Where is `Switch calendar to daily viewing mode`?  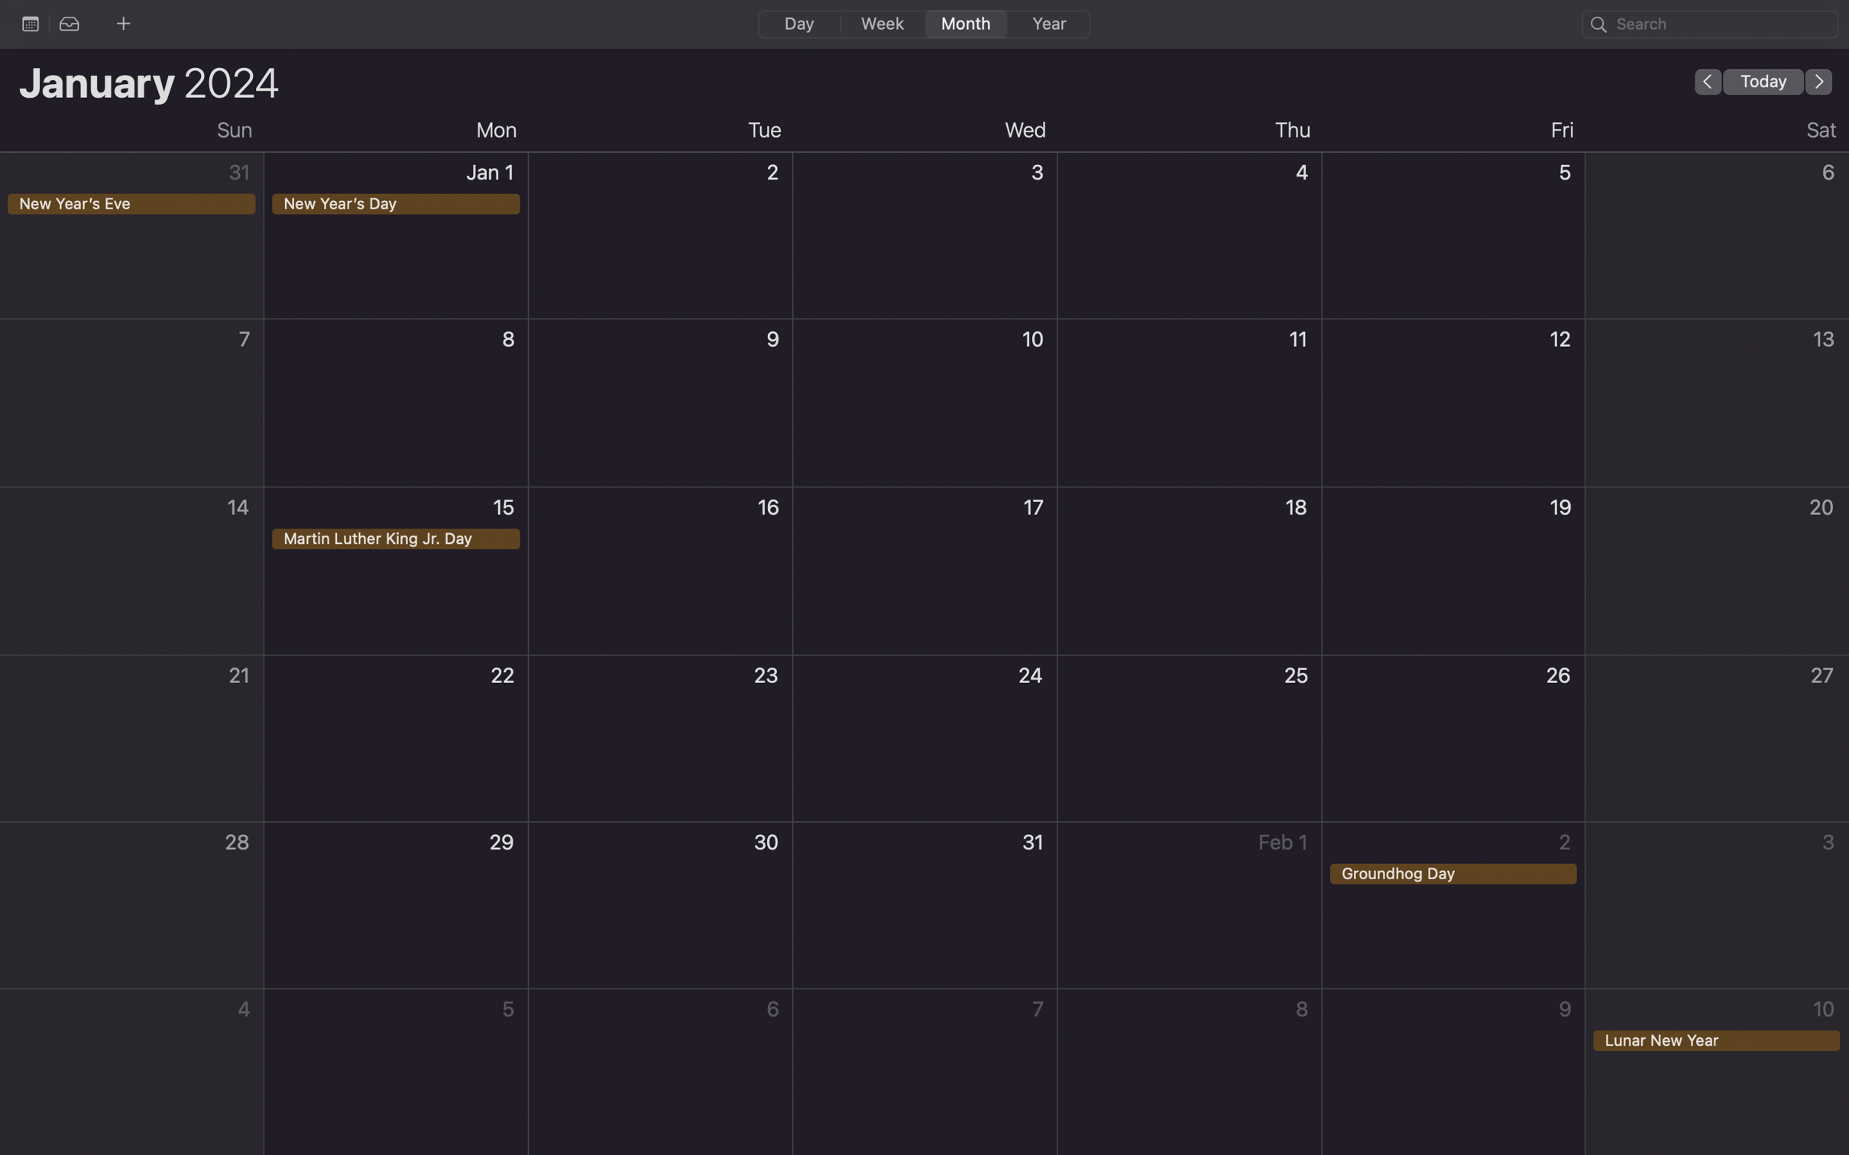
Switch calendar to daily viewing mode is located at coordinates (798, 22).